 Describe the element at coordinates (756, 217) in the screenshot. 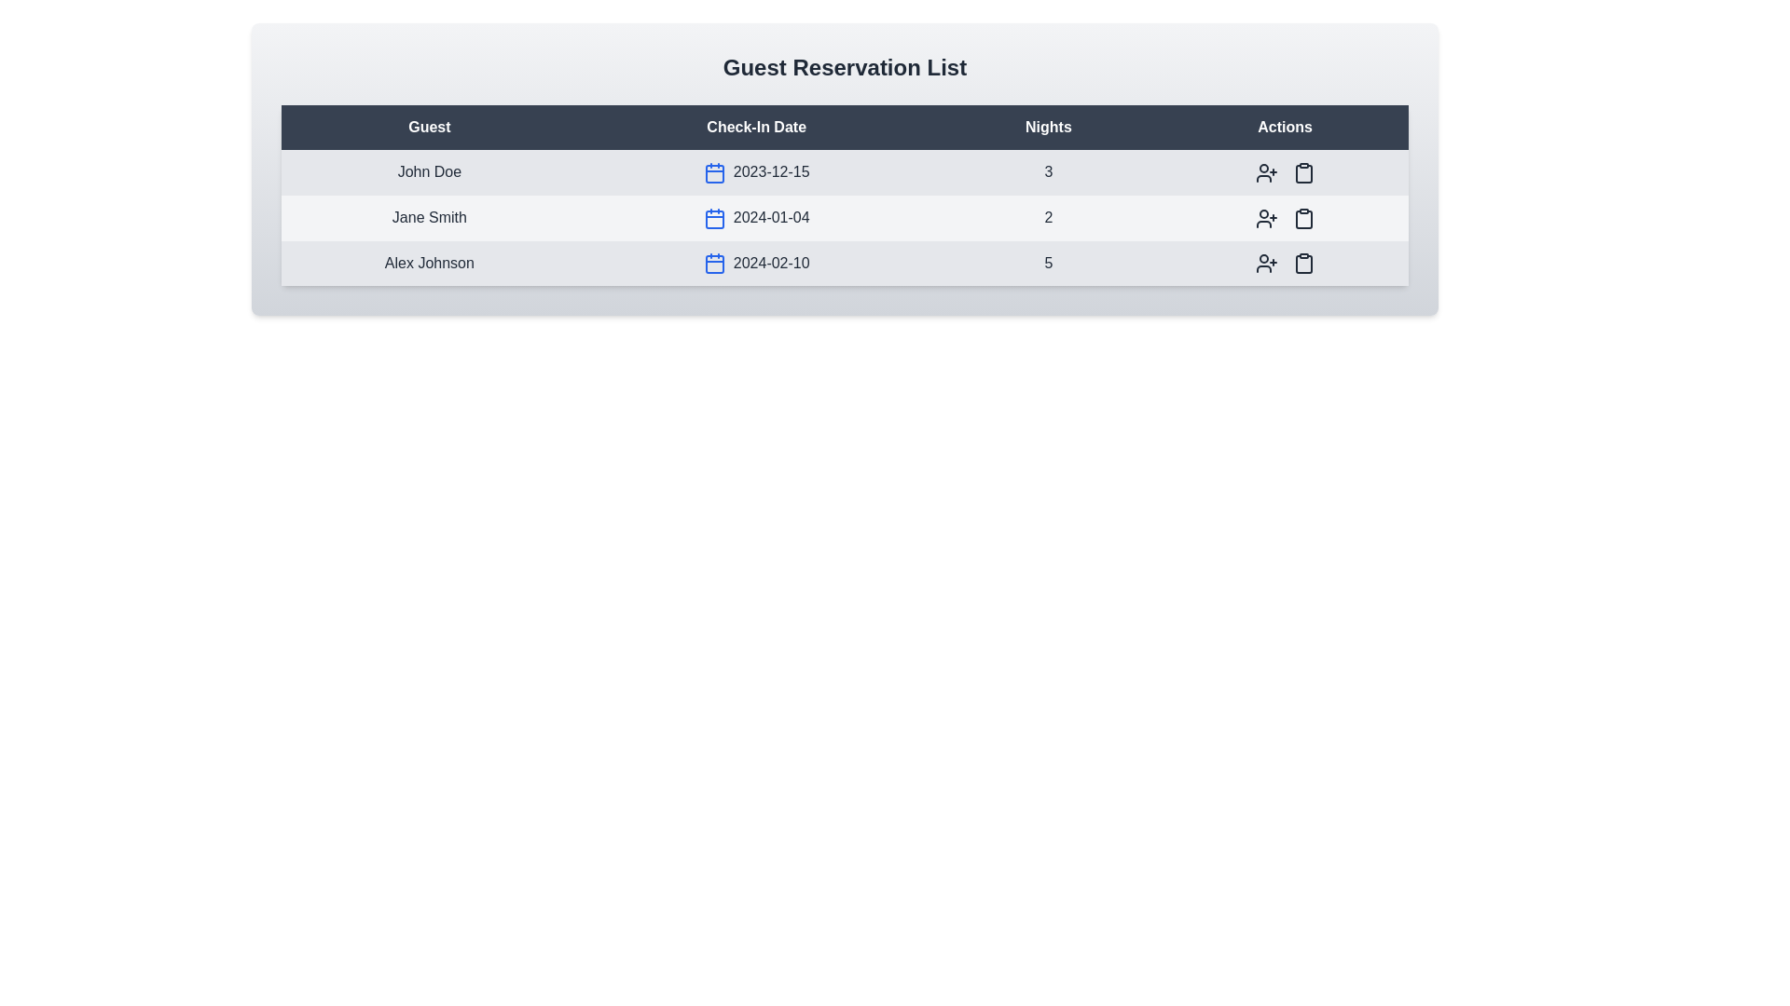

I see `the text element displaying the check-in date '2024-01-04' in the second row of the table under the 'Check-In Date' column, which is adjacent to the blue calendar icon` at that location.